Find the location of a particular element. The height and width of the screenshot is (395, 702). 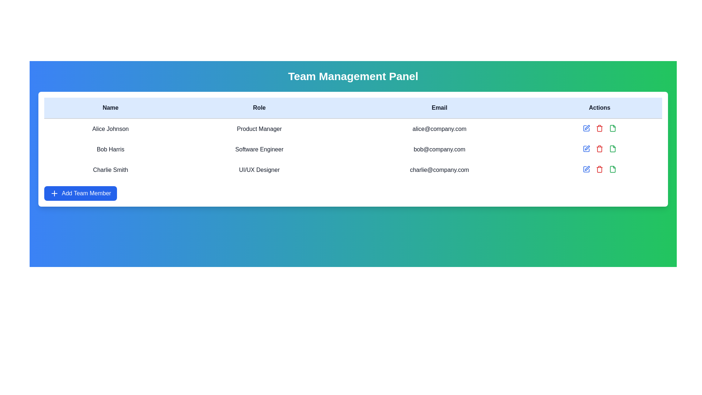

the icon with a green outline resembling a document or file is located at coordinates (612, 148).